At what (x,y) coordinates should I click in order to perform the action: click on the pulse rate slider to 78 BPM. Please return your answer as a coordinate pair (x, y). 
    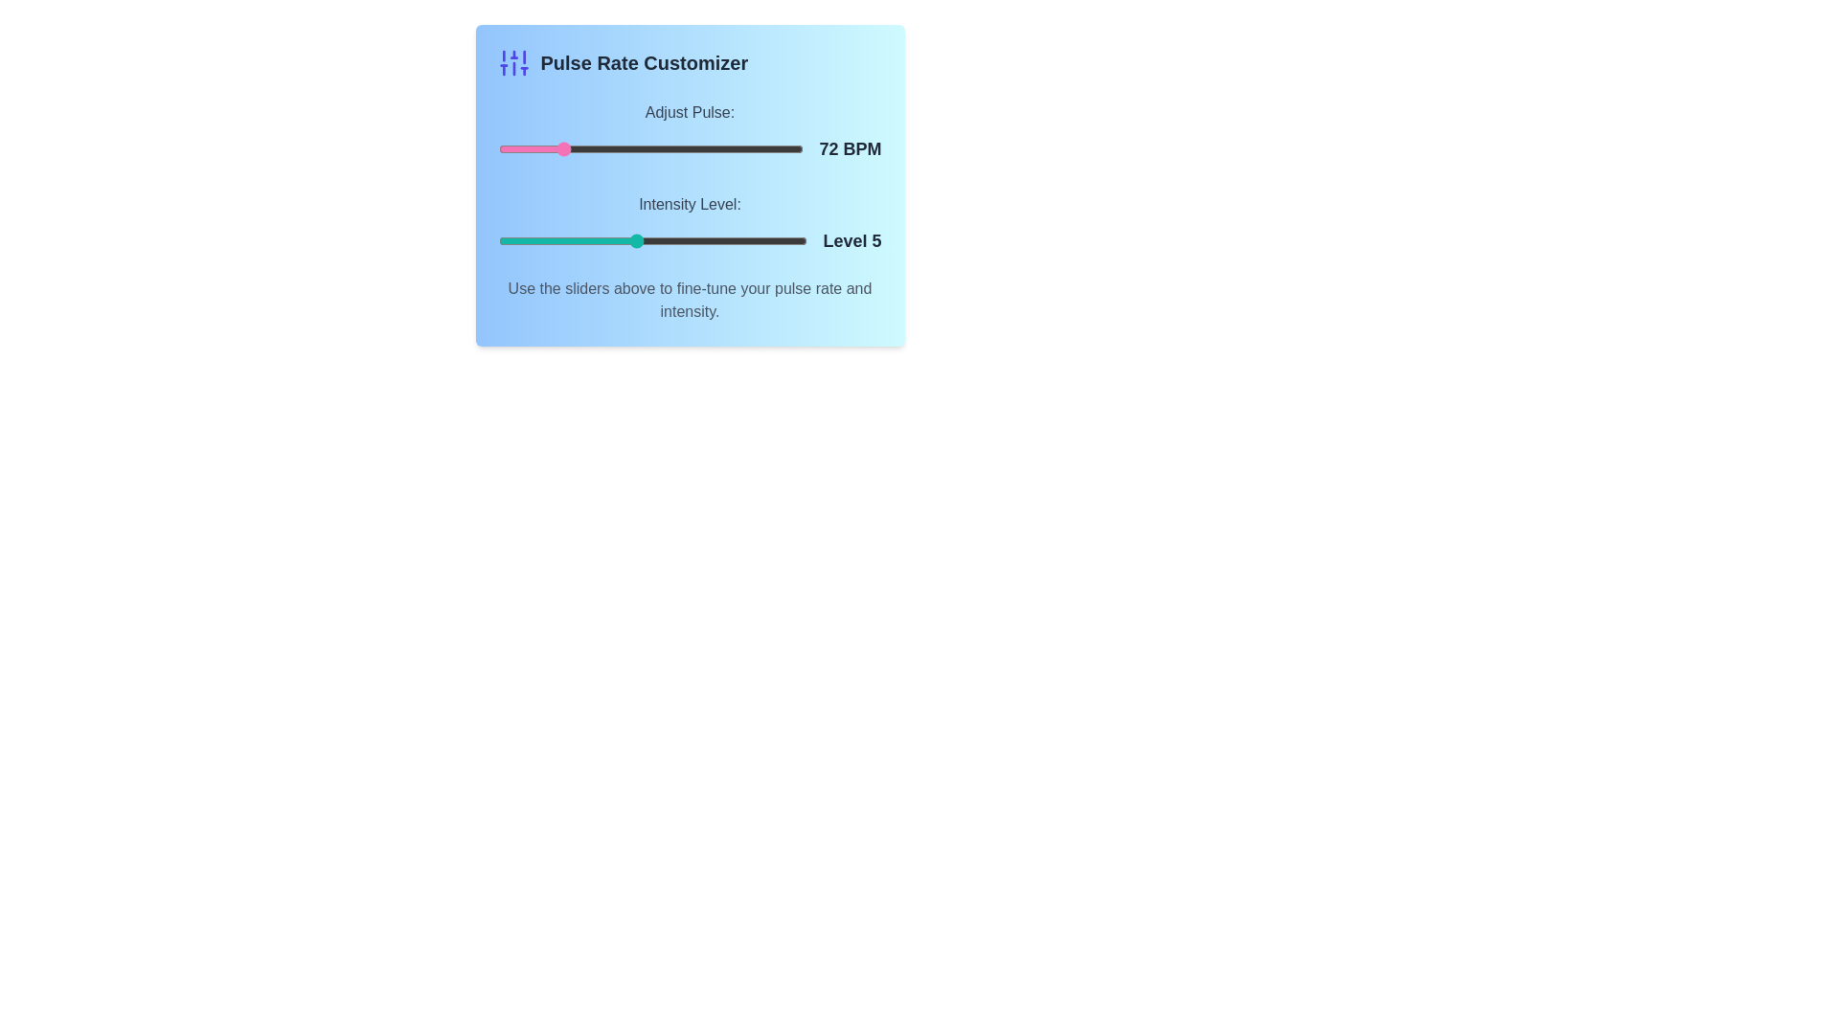
    Looking at the image, I should click on (570, 147).